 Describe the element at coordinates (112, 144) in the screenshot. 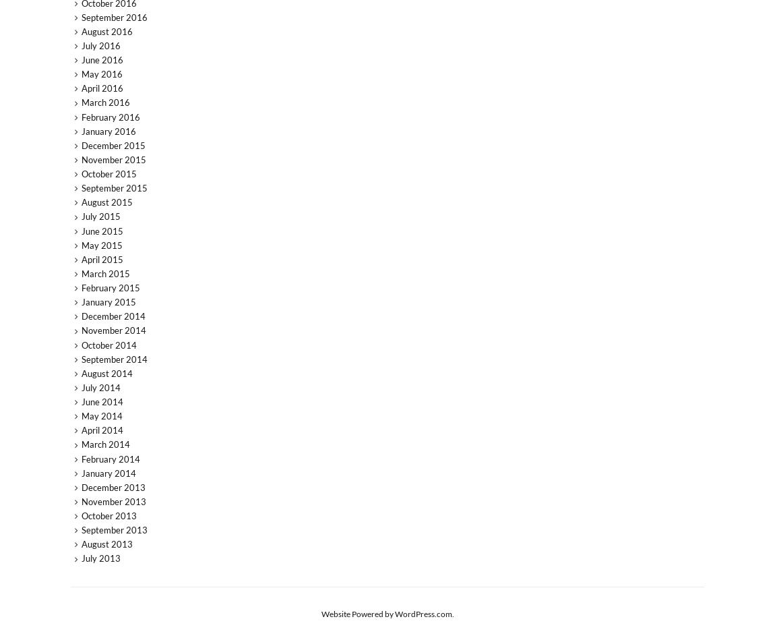

I see `'December 2015'` at that location.